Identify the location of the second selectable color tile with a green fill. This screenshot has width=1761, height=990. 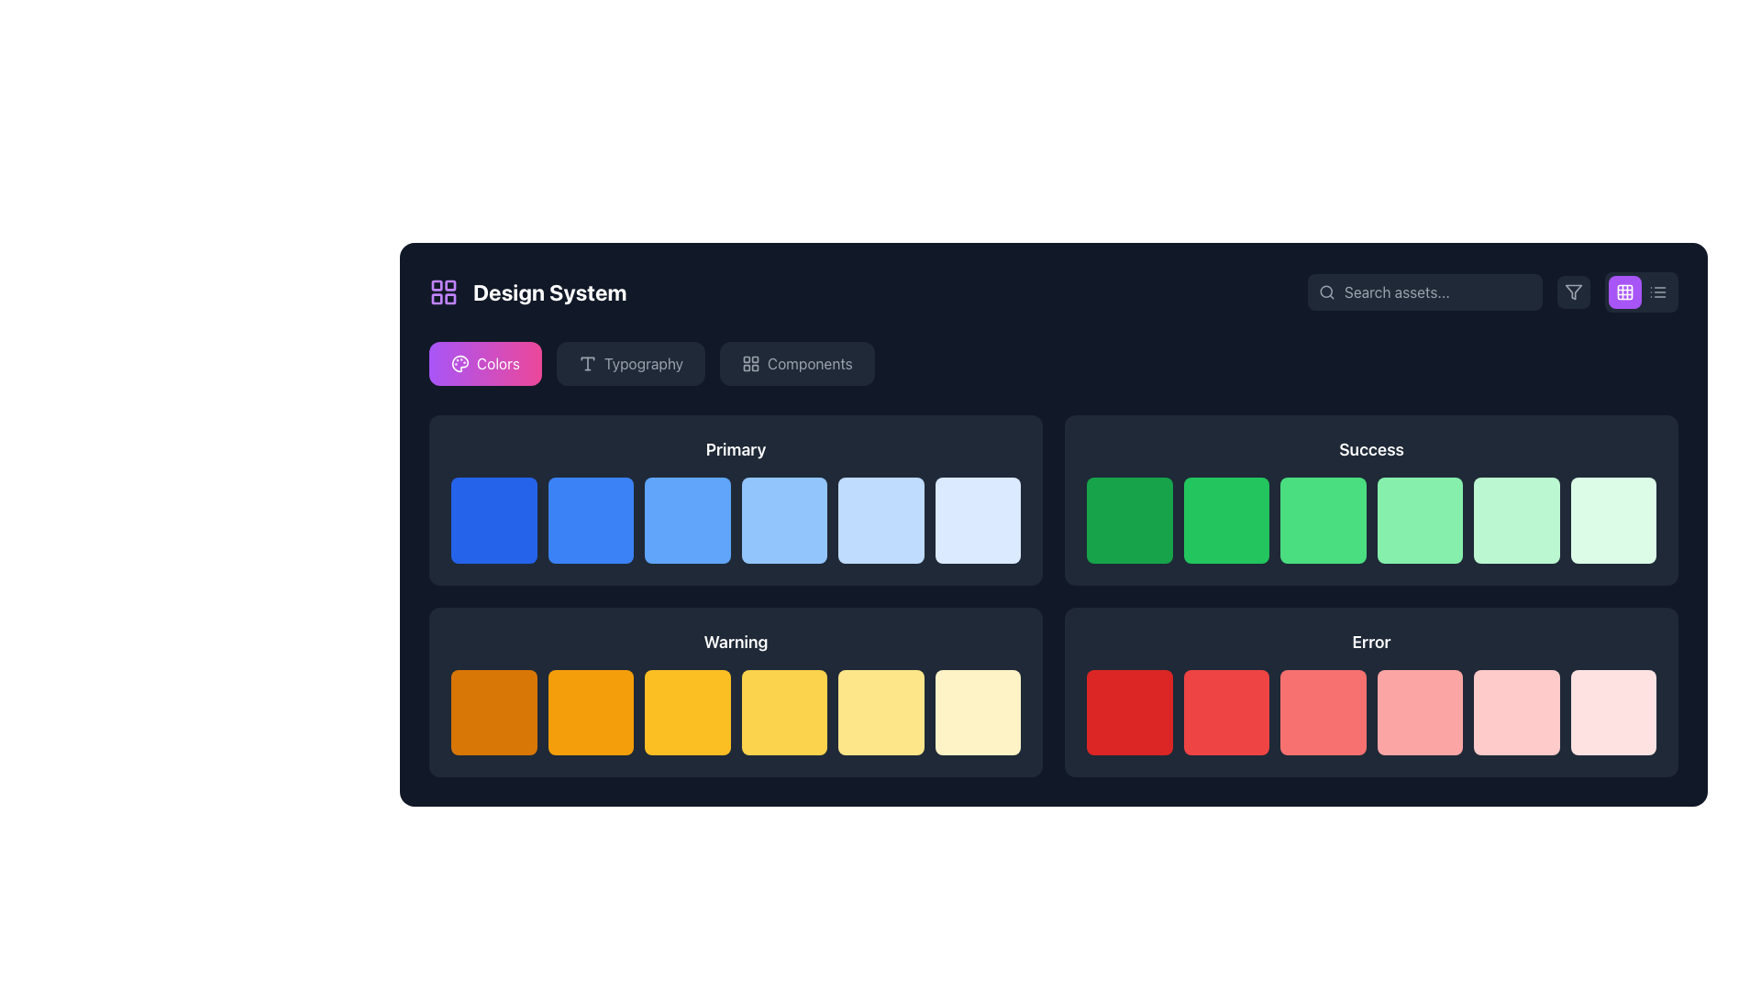
(1224, 518).